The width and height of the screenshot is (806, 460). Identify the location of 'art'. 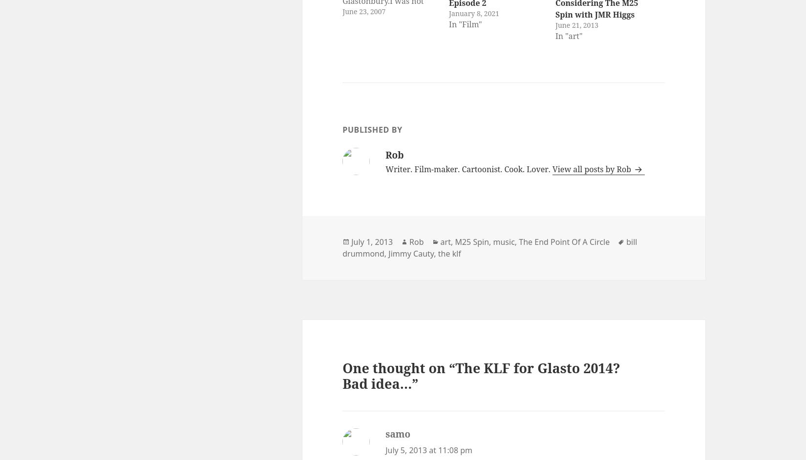
(445, 241).